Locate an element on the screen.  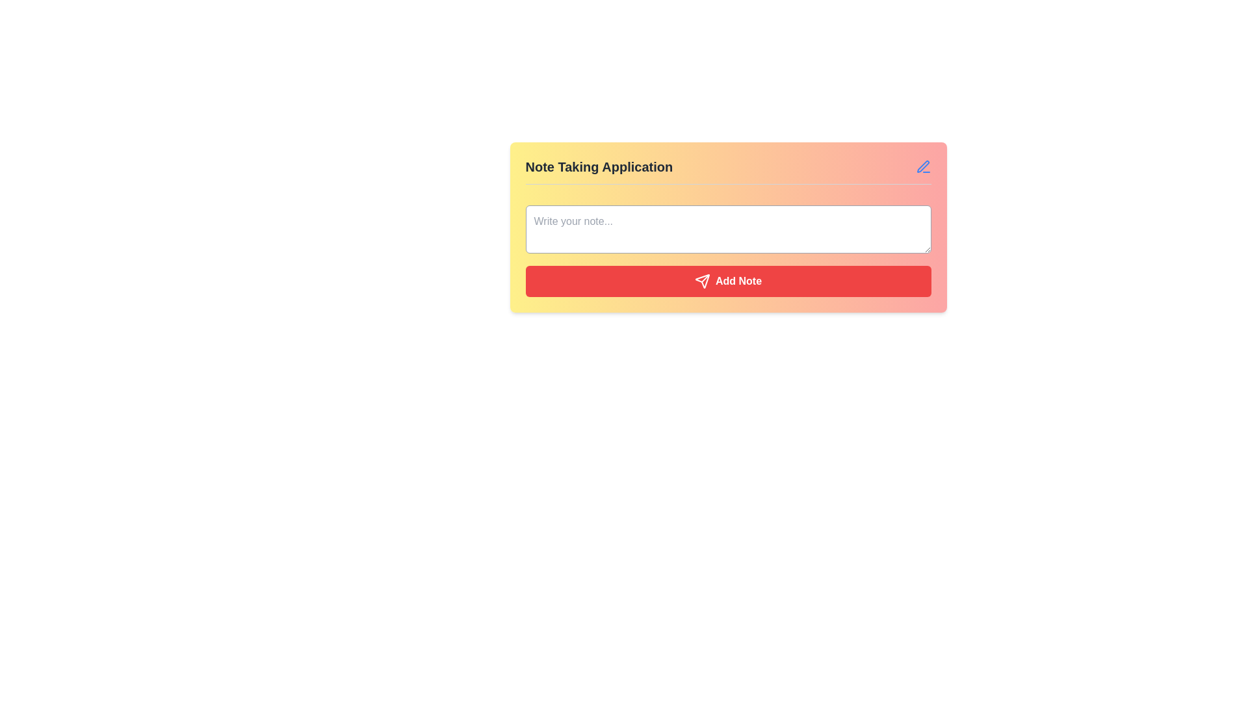
the blue pen icon located in the upper-right corner of the note-taking application is located at coordinates (922, 166).